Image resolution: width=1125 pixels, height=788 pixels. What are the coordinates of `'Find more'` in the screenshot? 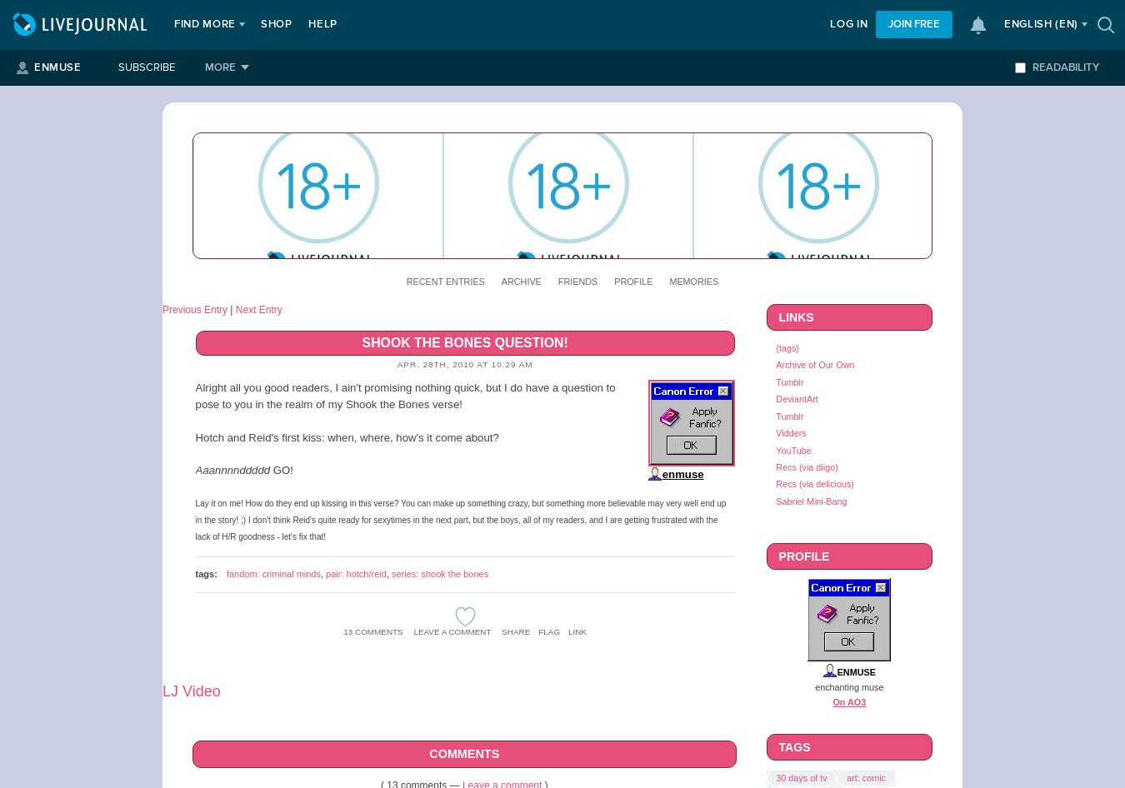 It's located at (173, 24).